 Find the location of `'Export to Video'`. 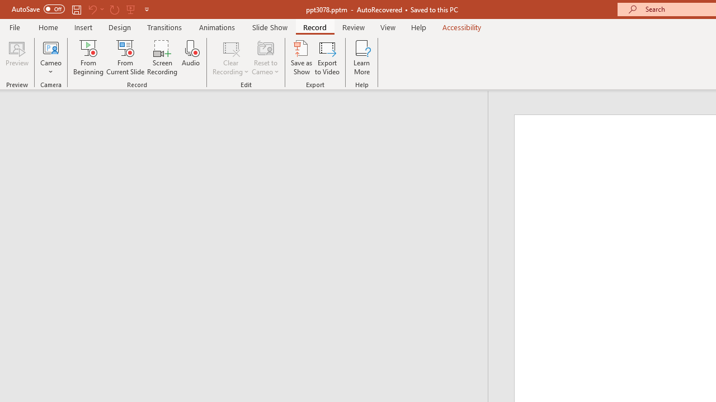

'Export to Video' is located at coordinates (327, 58).